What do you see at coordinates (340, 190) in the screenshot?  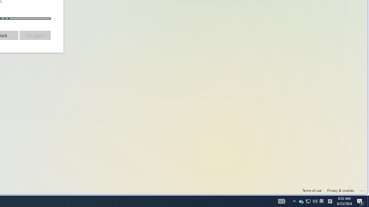 I see `'Privacy & cookies'` at bounding box center [340, 190].